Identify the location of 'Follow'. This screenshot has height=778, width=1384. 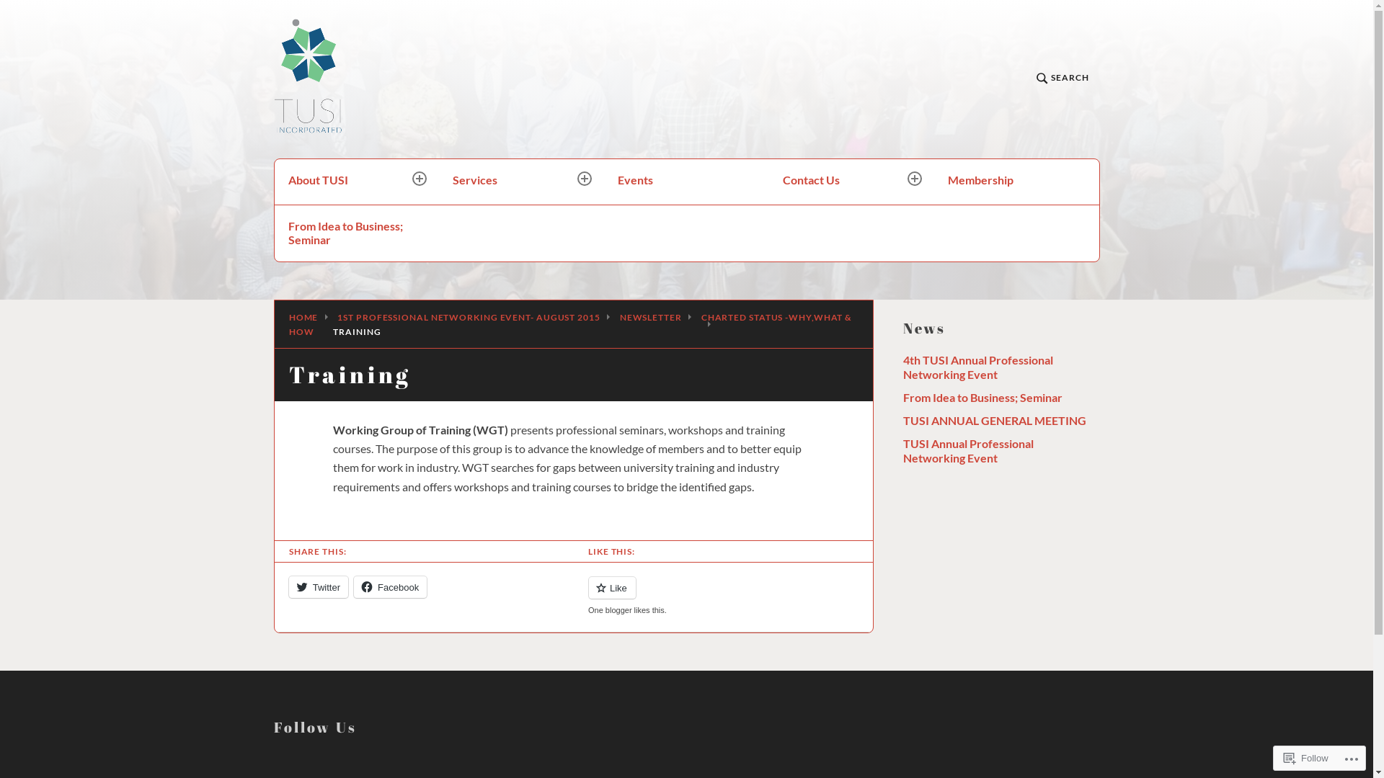
(1306, 757).